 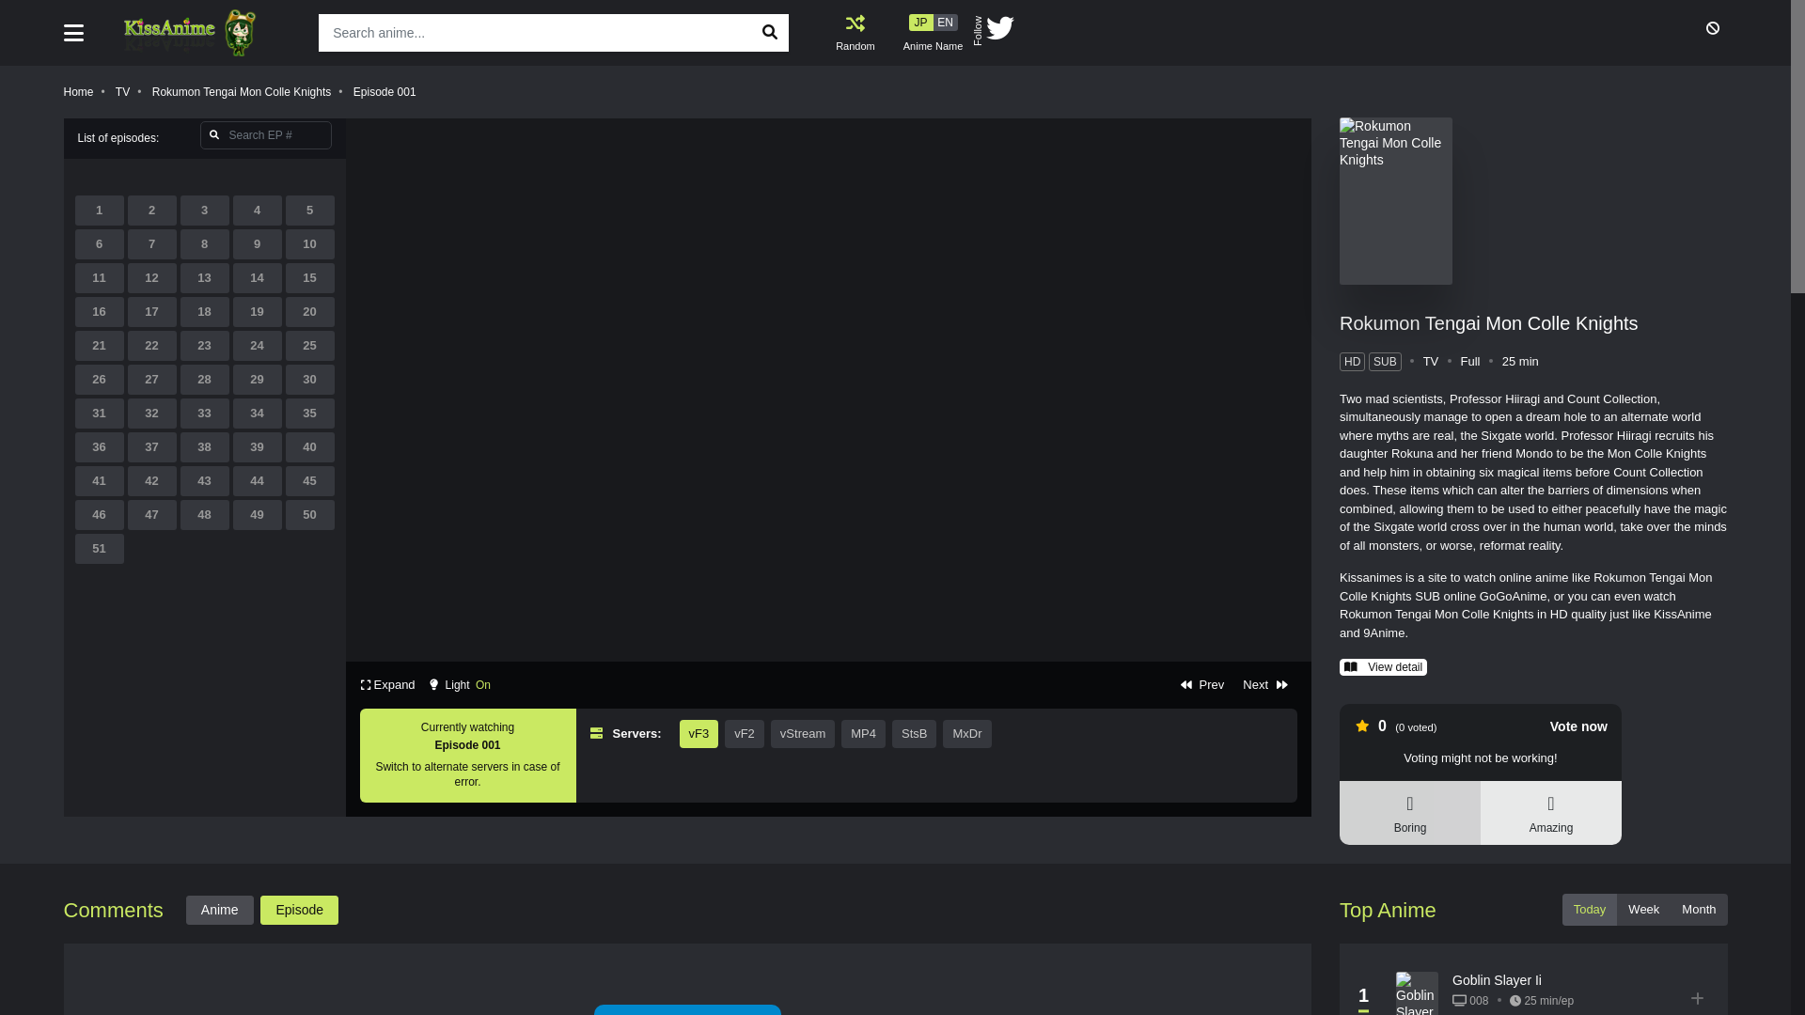 What do you see at coordinates (98, 380) in the screenshot?
I see `'26'` at bounding box center [98, 380].